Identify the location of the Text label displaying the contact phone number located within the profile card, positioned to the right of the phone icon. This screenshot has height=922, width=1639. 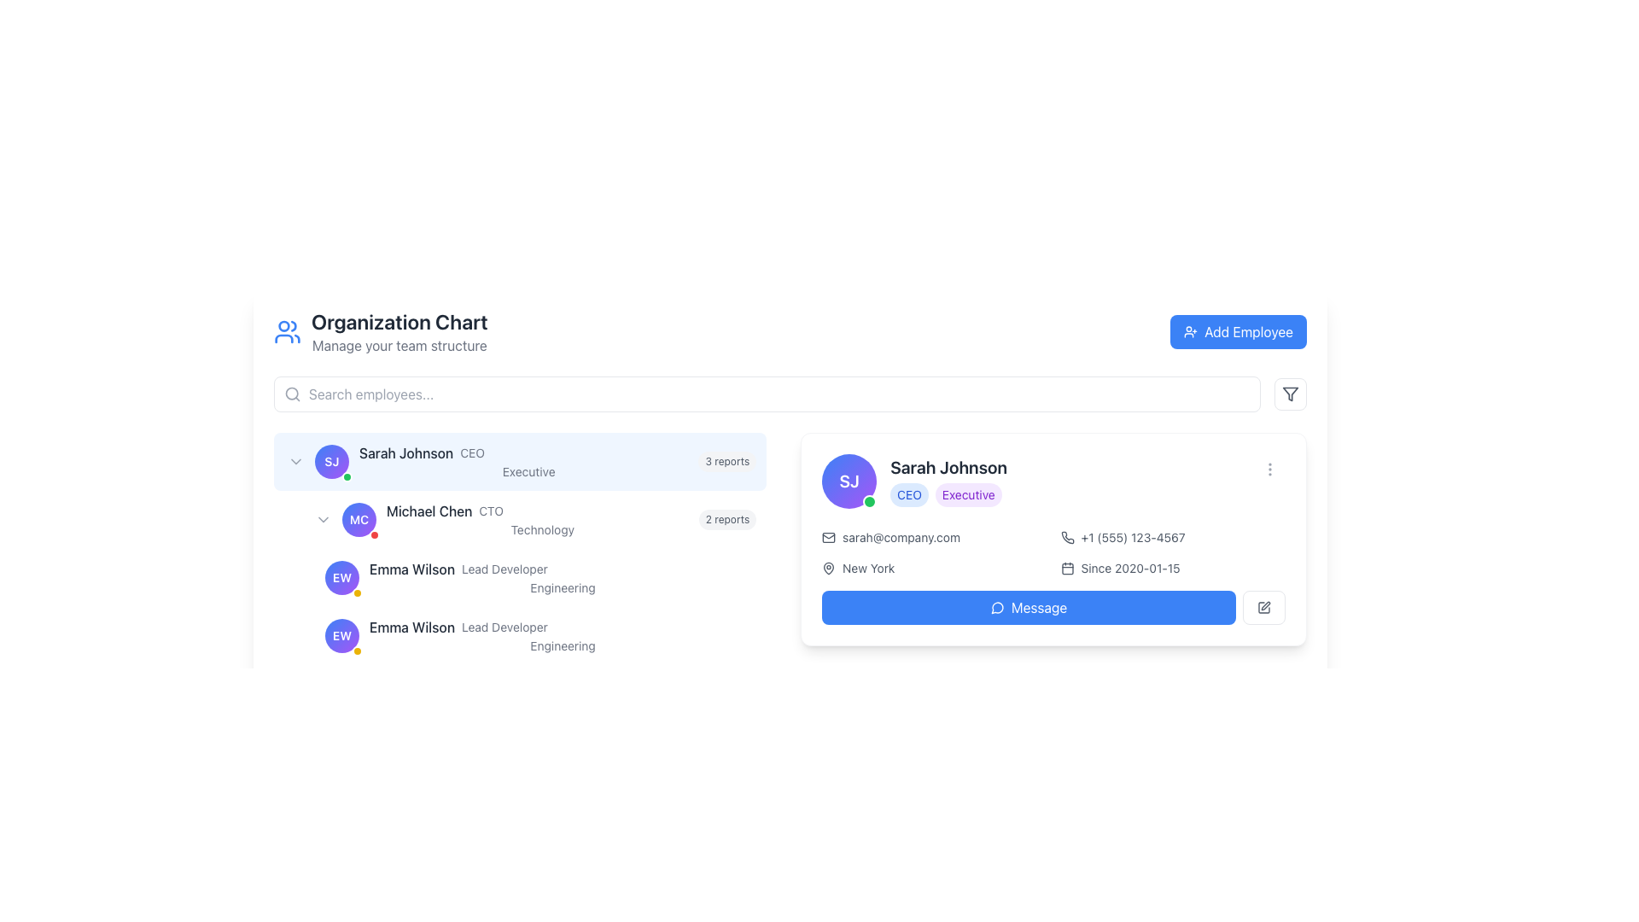
(1133, 536).